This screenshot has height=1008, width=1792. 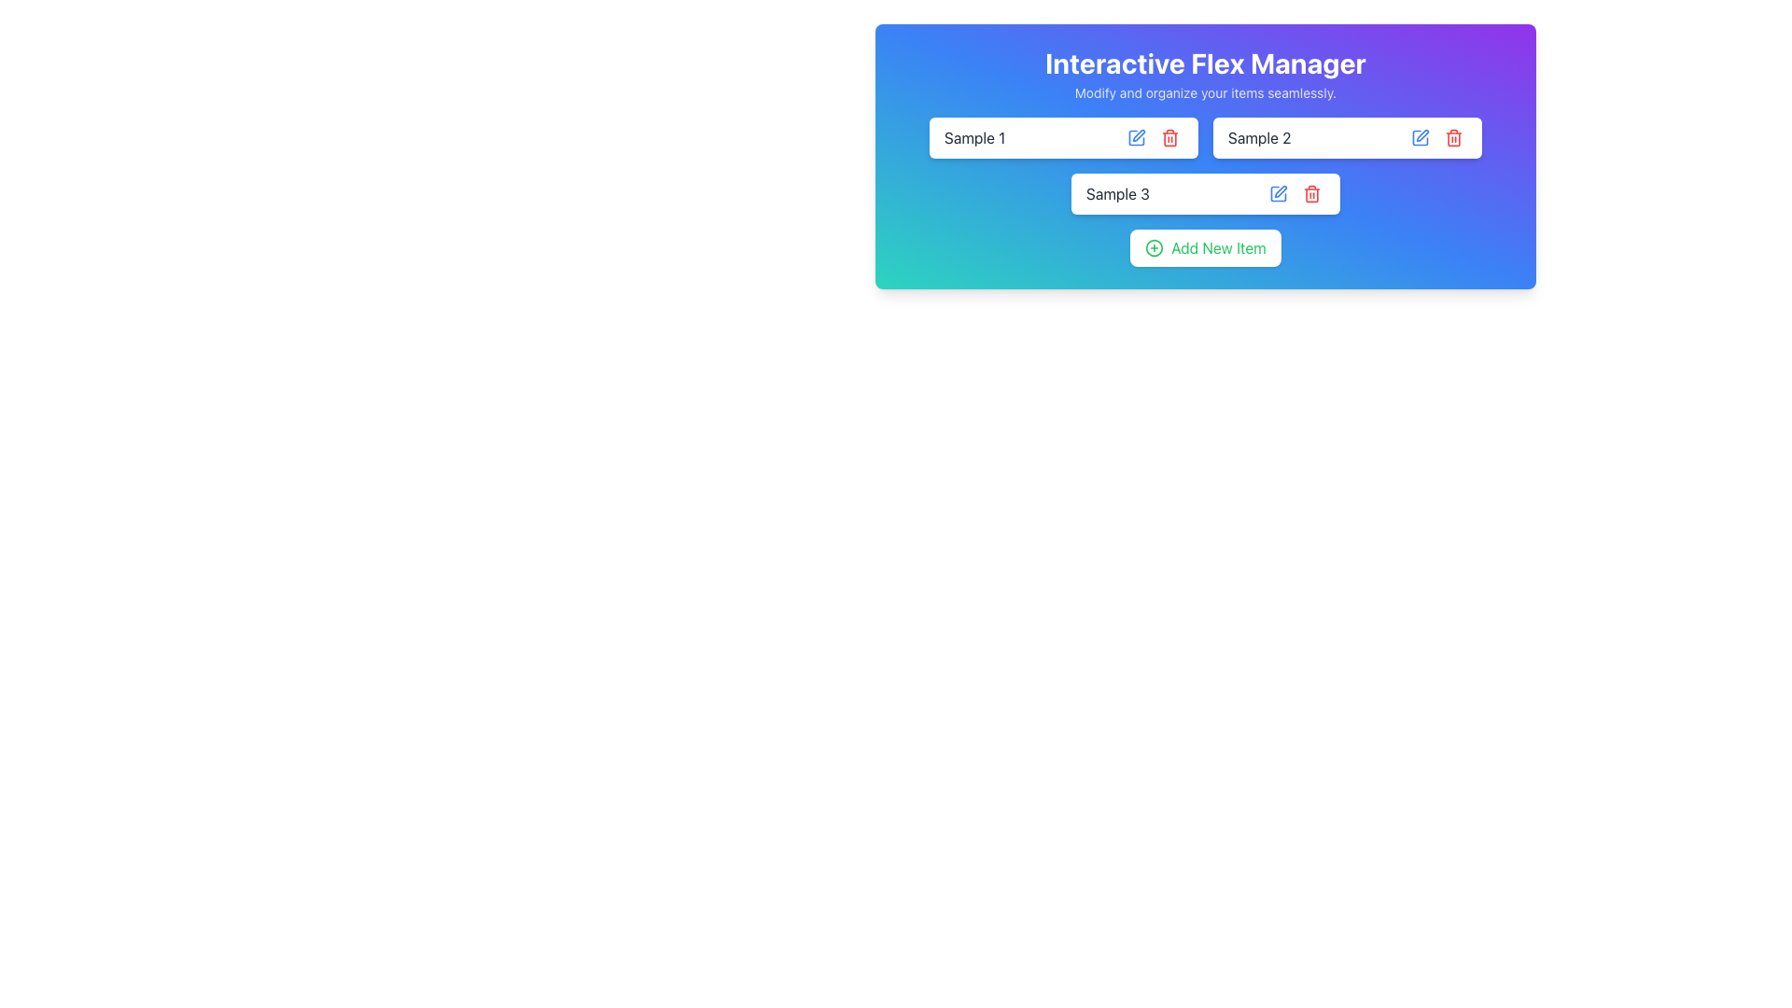 I want to click on the circular SVG element representing the outer rim of the plus sign icon, so click(x=1154, y=247).